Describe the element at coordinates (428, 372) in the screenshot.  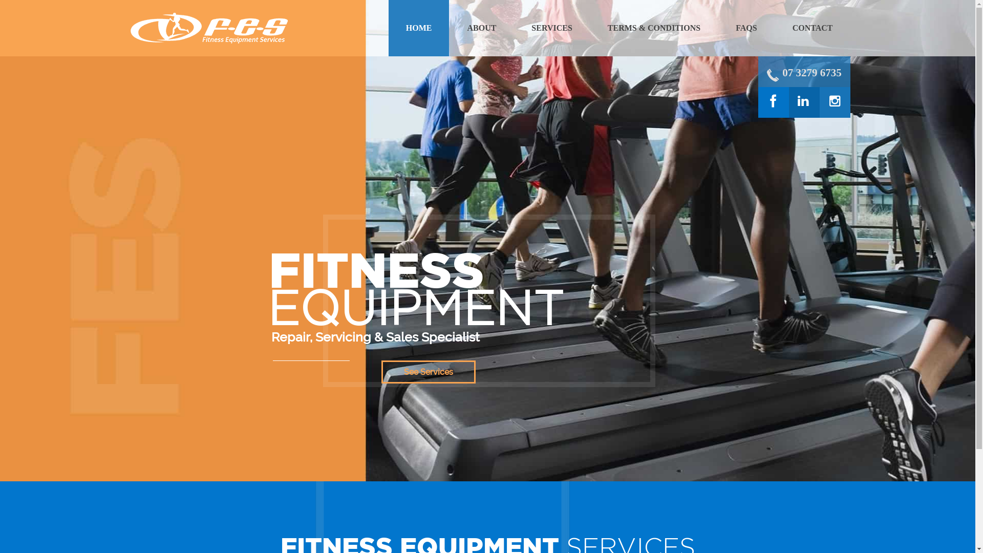
I see `'See Services'` at that location.